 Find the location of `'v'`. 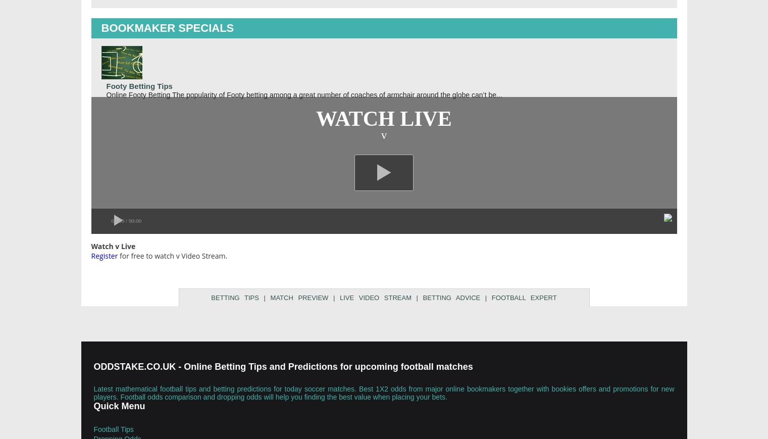

'v' is located at coordinates (383, 134).